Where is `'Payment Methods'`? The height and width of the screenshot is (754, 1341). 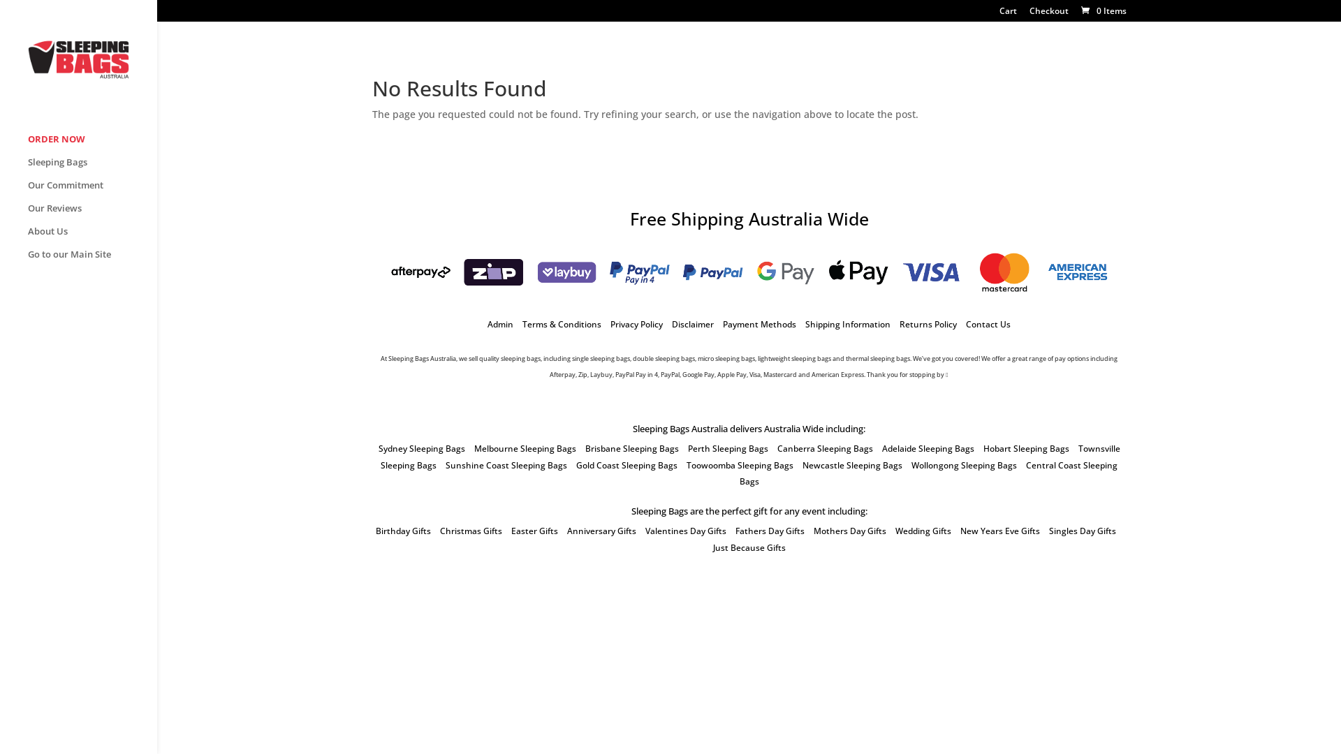
'Payment Methods' is located at coordinates (723, 324).